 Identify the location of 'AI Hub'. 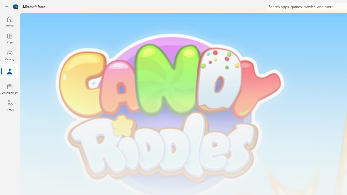
(9, 106).